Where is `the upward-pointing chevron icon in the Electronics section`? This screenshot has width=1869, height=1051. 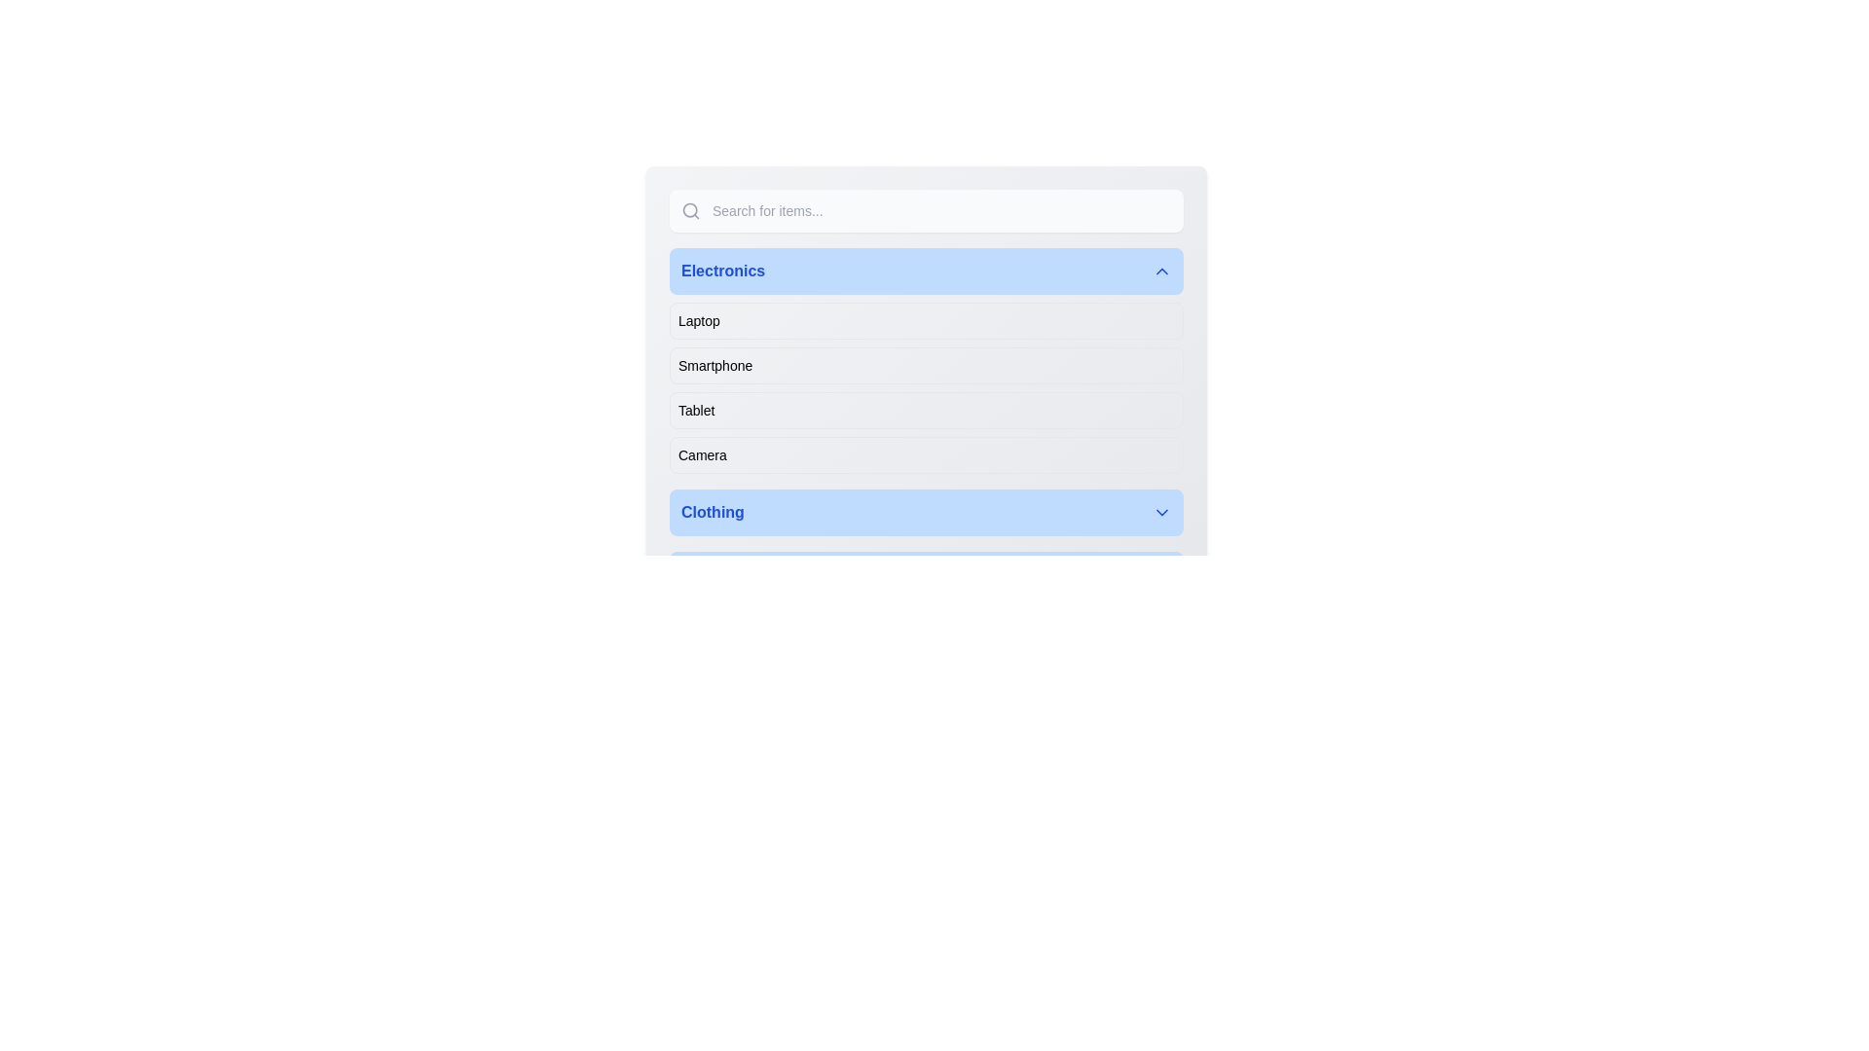 the upward-pointing chevron icon in the Electronics section is located at coordinates (1162, 271).